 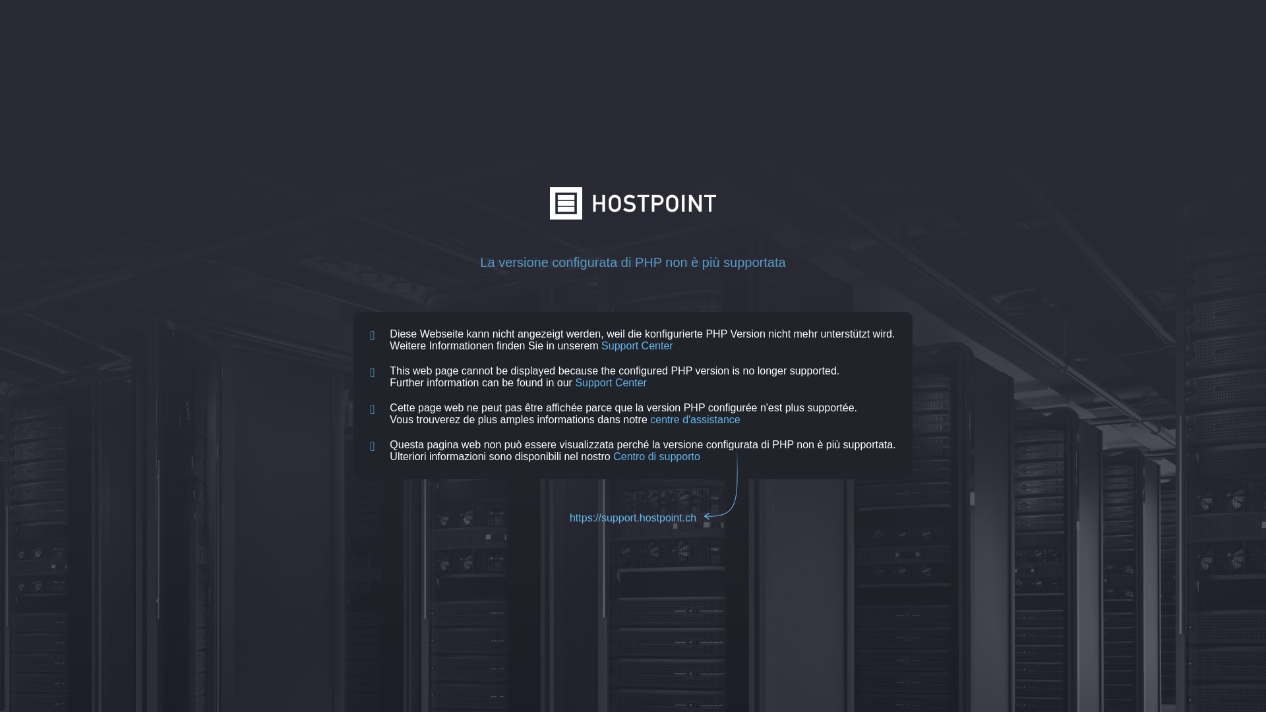 What do you see at coordinates (637, 345) in the screenshot?
I see `'Support Center'` at bounding box center [637, 345].